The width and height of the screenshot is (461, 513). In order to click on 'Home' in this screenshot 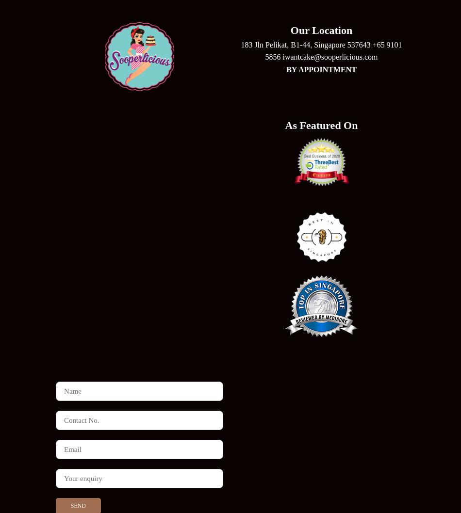, I will do `click(230, 337)`.